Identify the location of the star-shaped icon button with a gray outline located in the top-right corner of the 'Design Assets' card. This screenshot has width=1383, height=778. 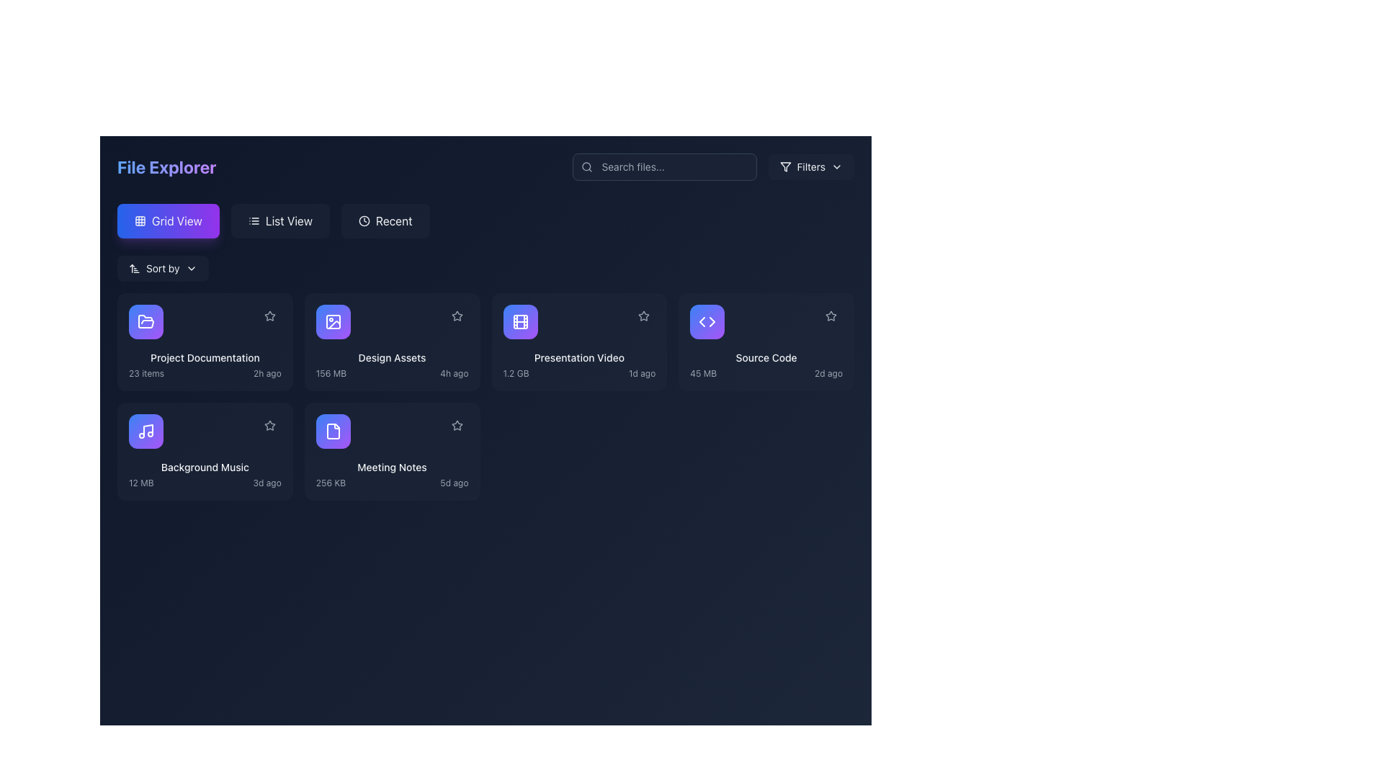
(456, 316).